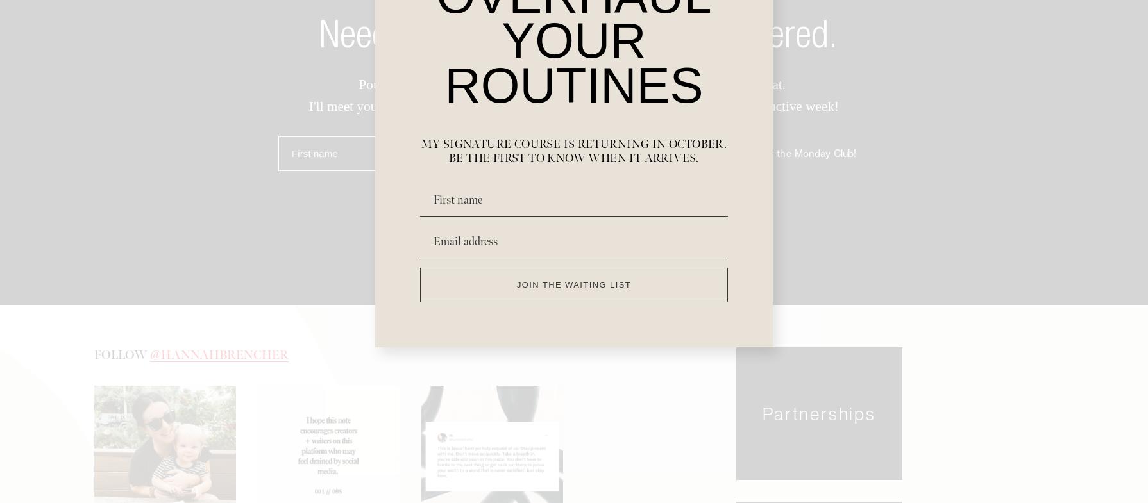  What do you see at coordinates (575, 157) in the screenshot?
I see `'Email address'` at bounding box center [575, 157].